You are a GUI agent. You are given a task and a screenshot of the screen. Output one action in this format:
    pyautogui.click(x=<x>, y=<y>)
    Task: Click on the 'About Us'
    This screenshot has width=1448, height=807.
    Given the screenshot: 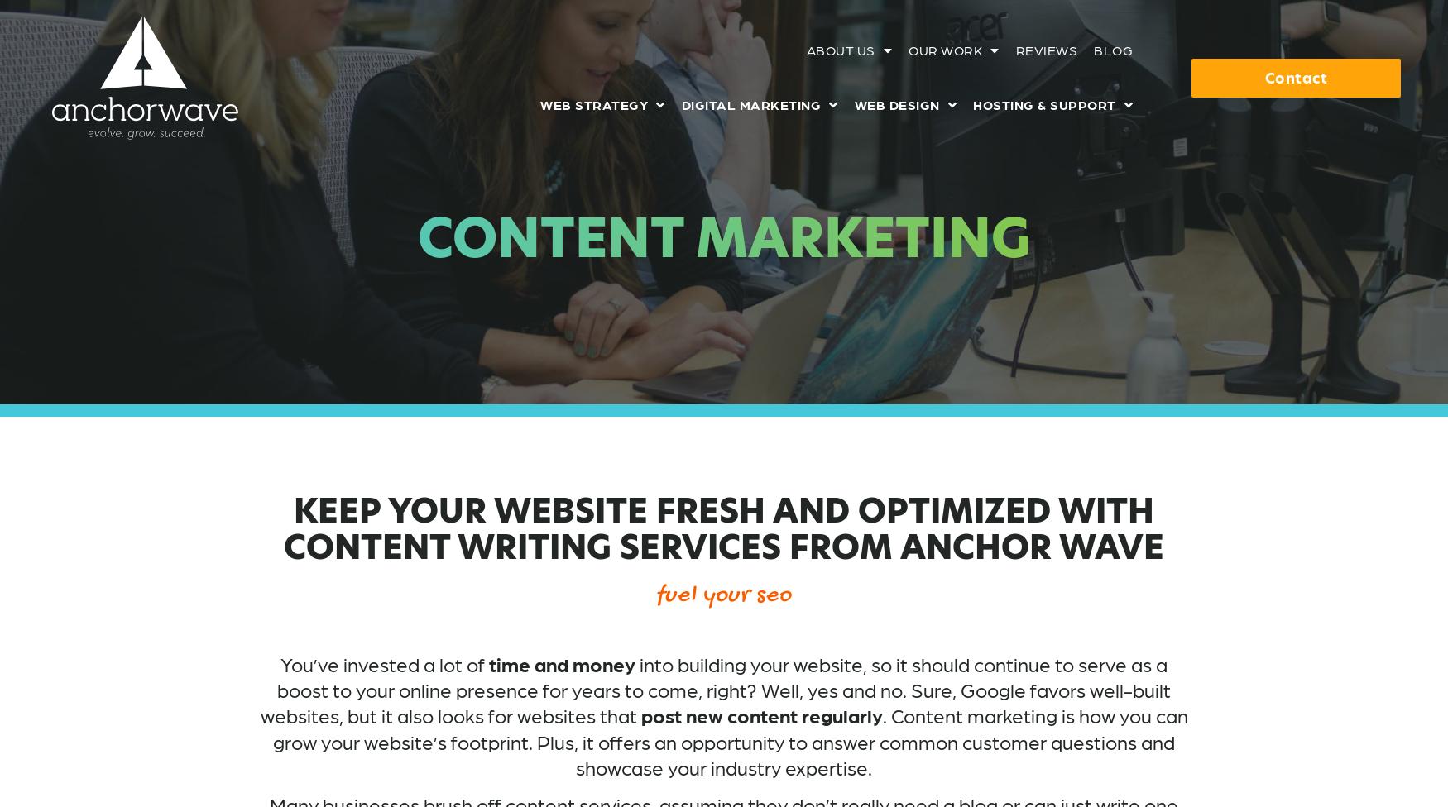 What is the action you would take?
    pyautogui.click(x=806, y=50)
    